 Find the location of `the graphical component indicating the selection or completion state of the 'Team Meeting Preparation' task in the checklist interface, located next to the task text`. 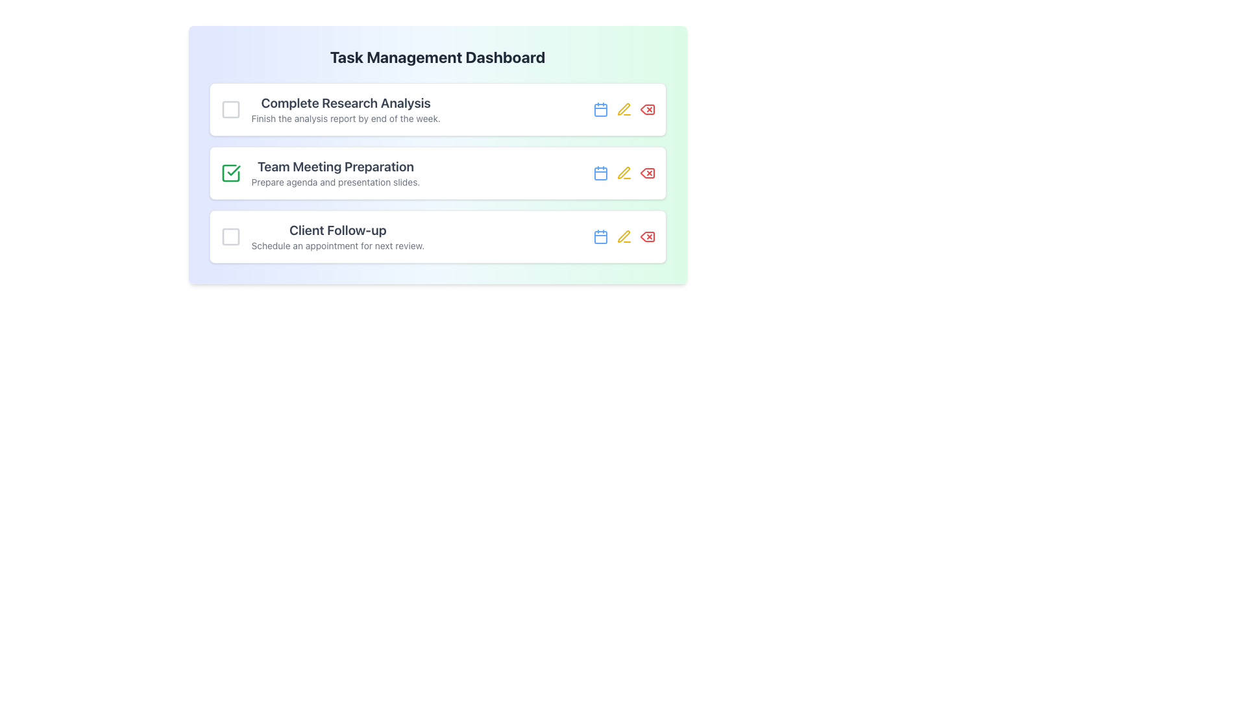

the graphical component indicating the selection or completion state of the 'Team Meeting Preparation' task in the checklist interface, located next to the task text is located at coordinates (230, 172).